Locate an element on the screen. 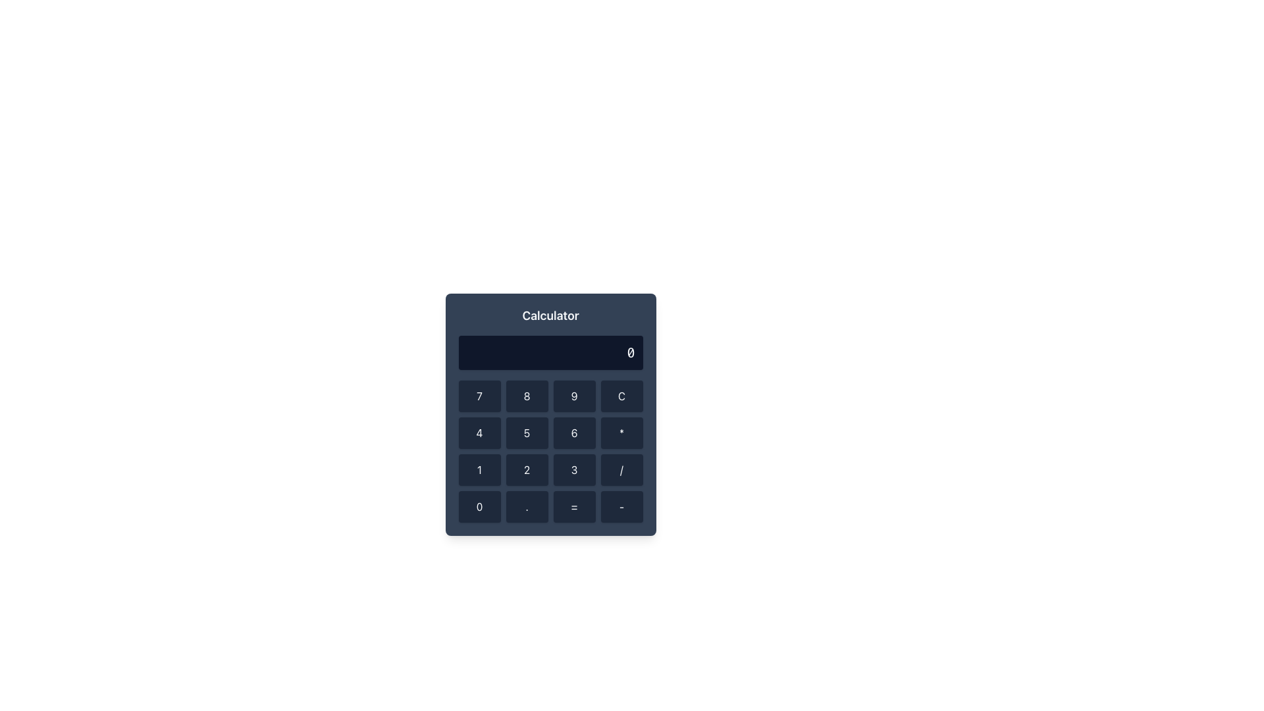 The width and height of the screenshot is (1264, 711). the multiplication button in the calculator keypad, positioned in the second row and fourth column, to input the '*' operator is located at coordinates (621, 433).